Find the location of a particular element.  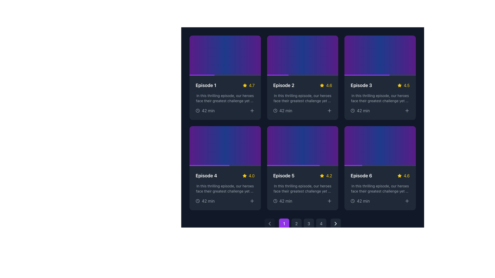

the clock icon representing the duration of Episode 6, located in the bottom-right area of the episode card next to '42 min' is located at coordinates (352, 201).